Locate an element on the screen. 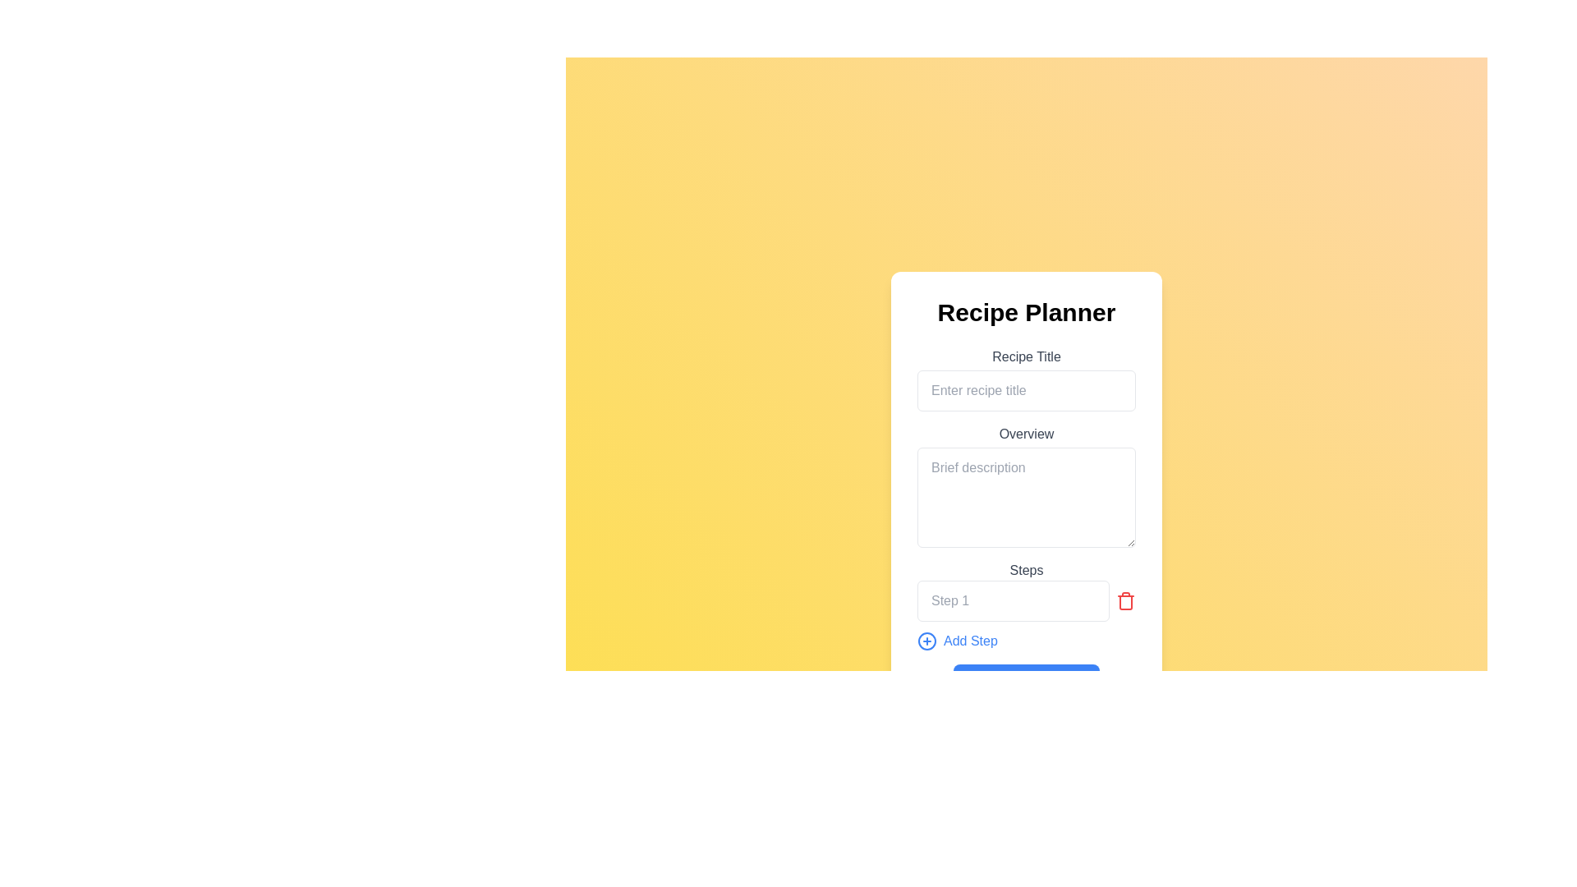 The height and width of the screenshot is (887, 1577). the circular decorative element, which is a distinct outline with a radius of 10 units, located centrally within the 'Add Step' button area at the bottom of the interface is located at coordinates (926, 639).